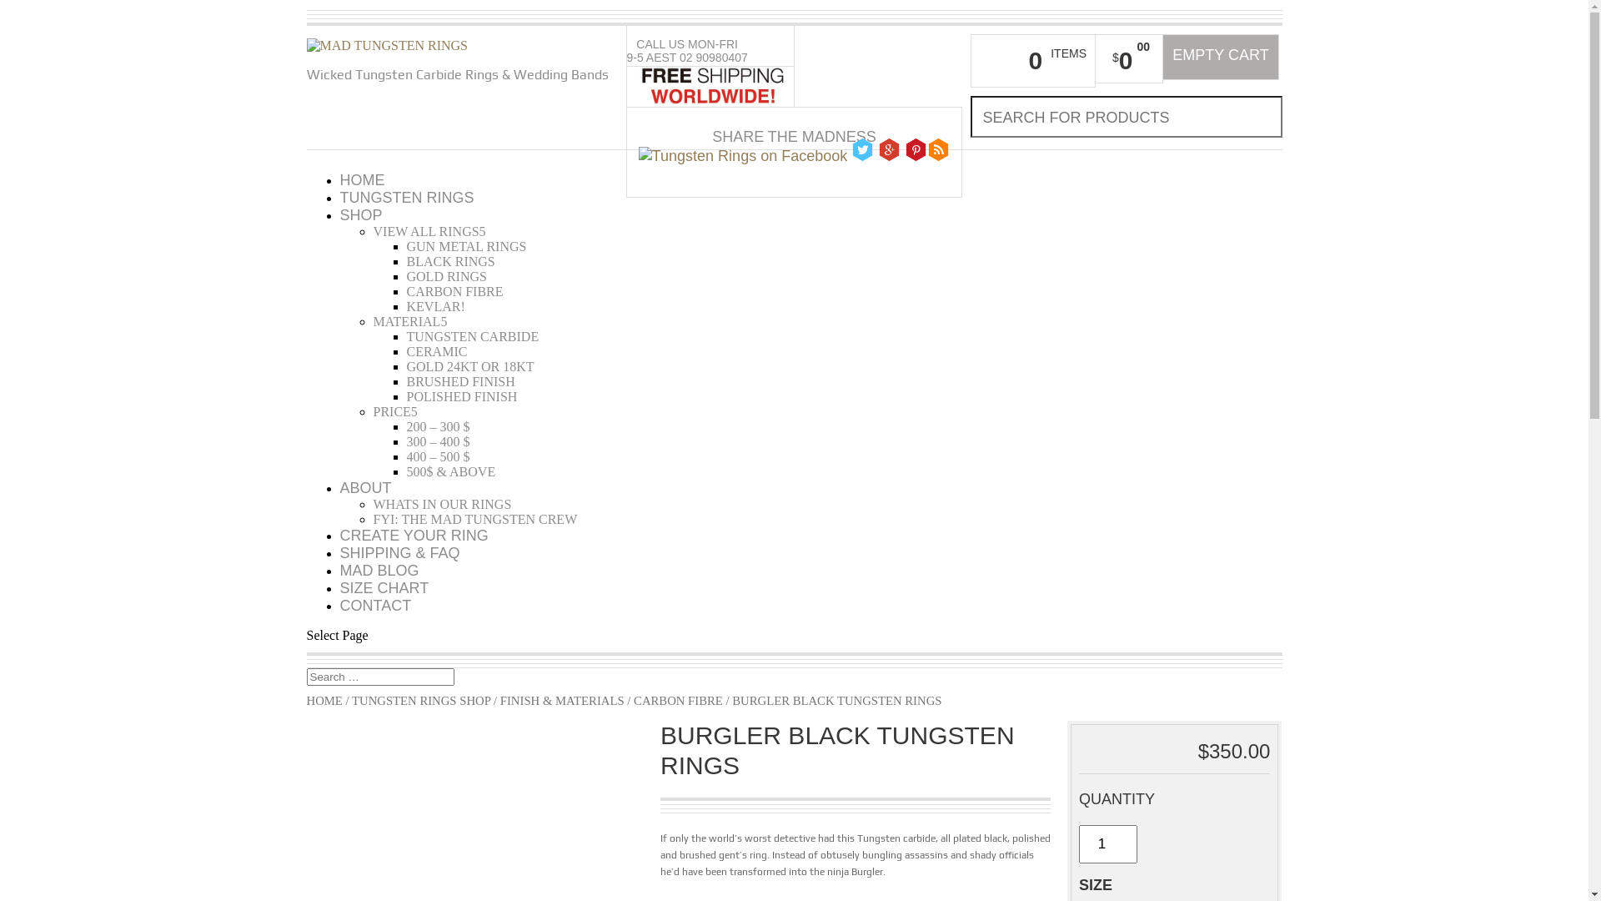 The height and width of the screenshot is (901, 1601). What do you see at coordinates (888, 148) in the screenshot?
I see `' Follow Tungsten Rings on Google Plus'` at bounding box center [888, 148].